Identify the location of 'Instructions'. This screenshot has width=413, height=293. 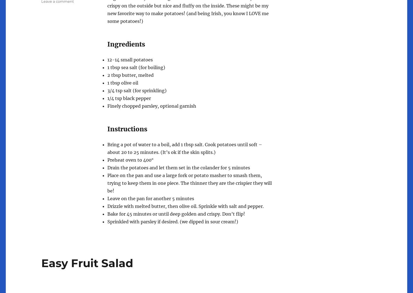
(127, 129).